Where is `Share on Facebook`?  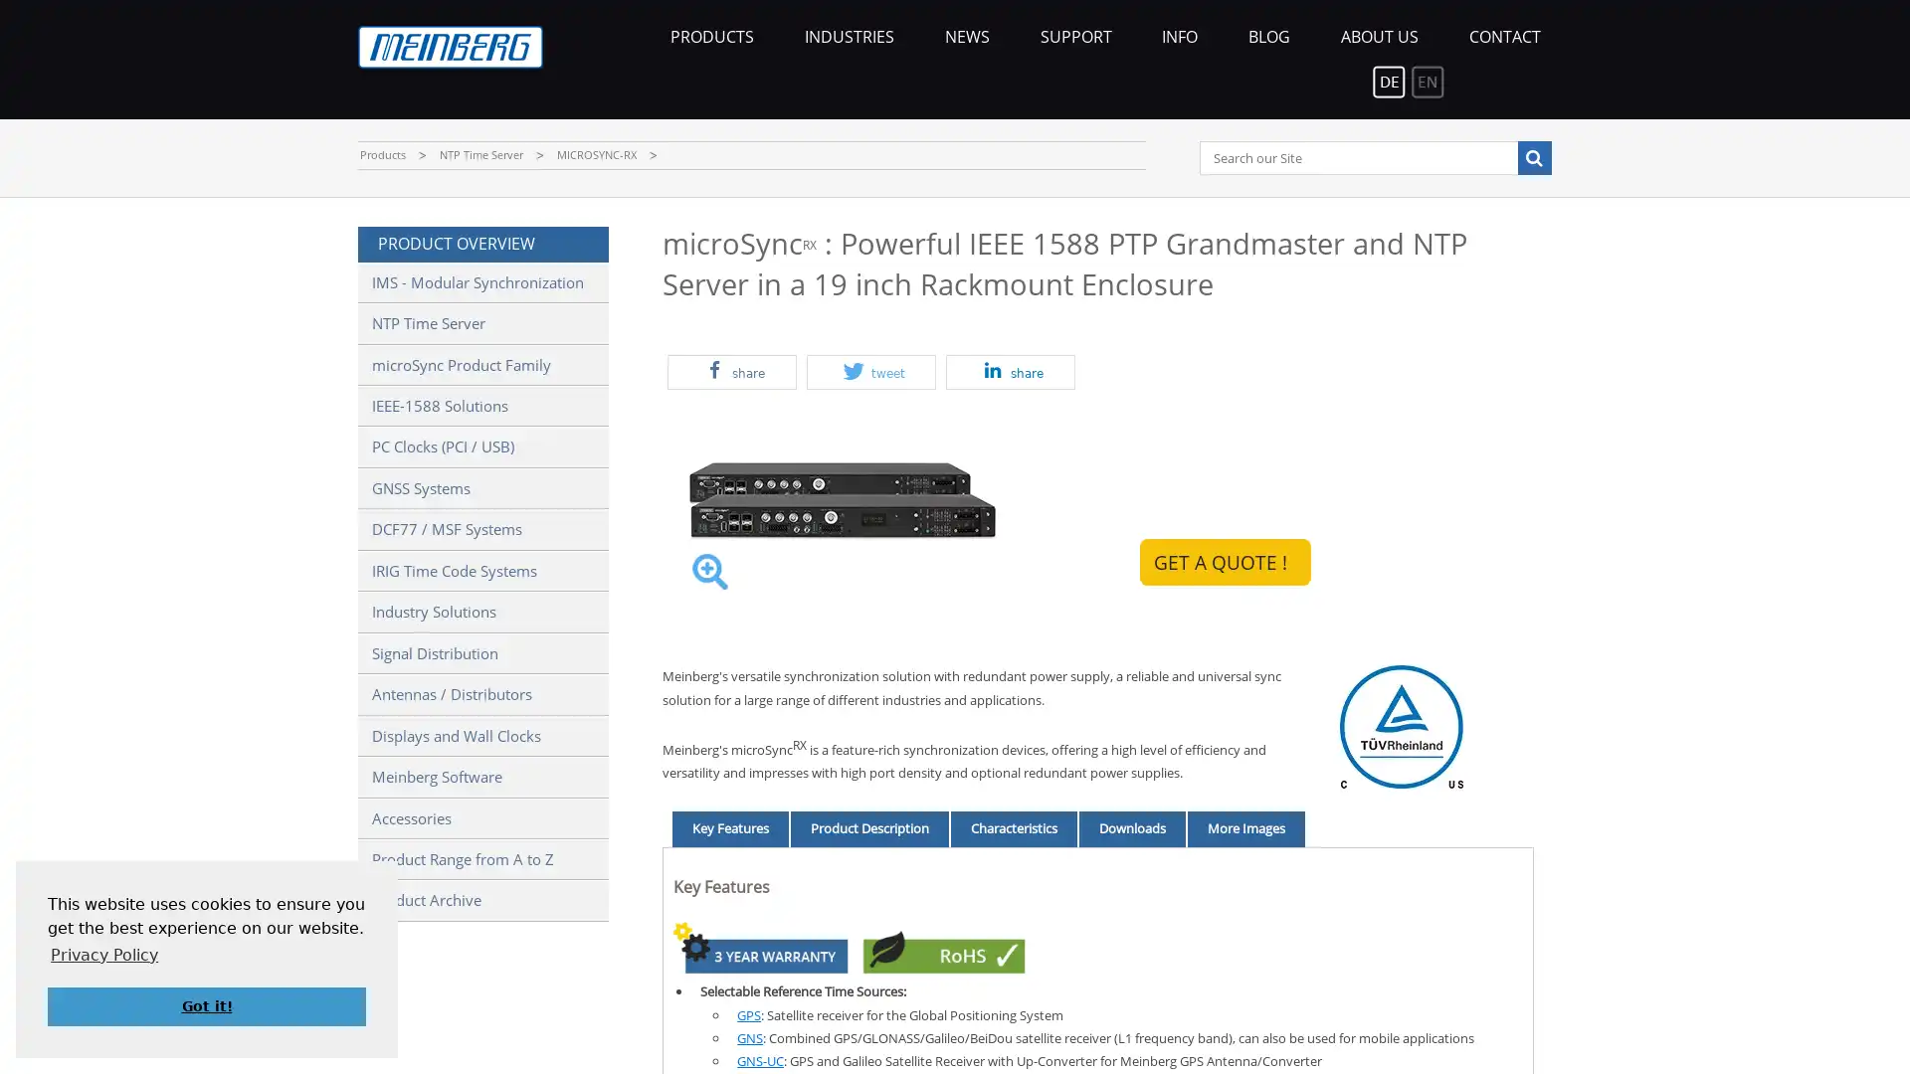
Share on Facebook is located at coordinates (730, 373).